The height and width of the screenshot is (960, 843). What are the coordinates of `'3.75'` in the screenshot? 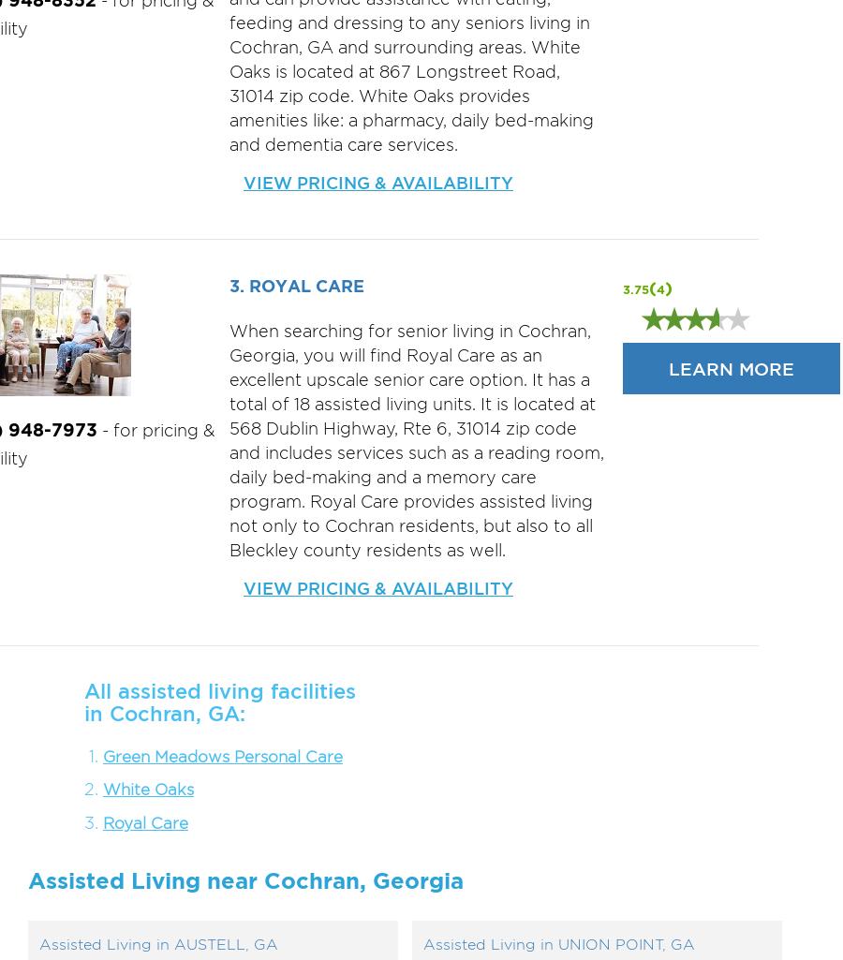 It's located at (633, 289).